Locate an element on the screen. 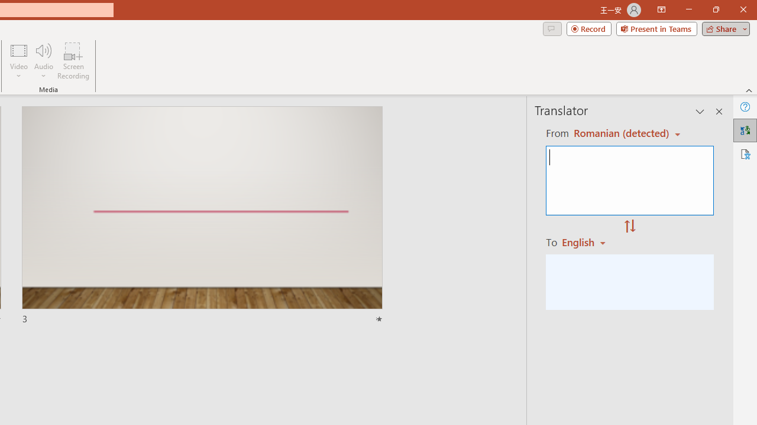 This screenshot has width=757, height=425. 'Close pane' is located at coordinates (719, 112).